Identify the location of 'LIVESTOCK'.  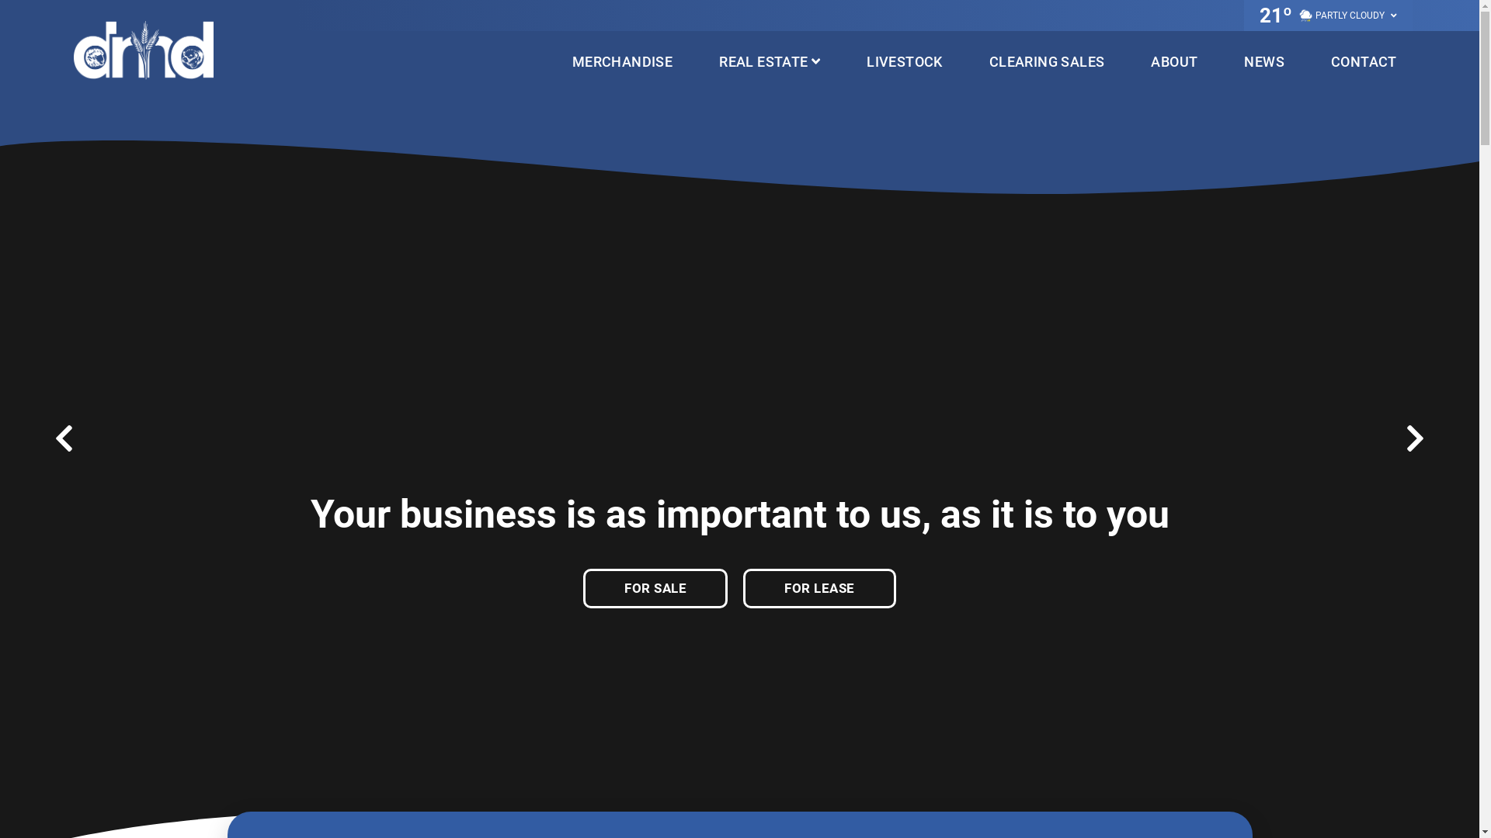
(905, 61).